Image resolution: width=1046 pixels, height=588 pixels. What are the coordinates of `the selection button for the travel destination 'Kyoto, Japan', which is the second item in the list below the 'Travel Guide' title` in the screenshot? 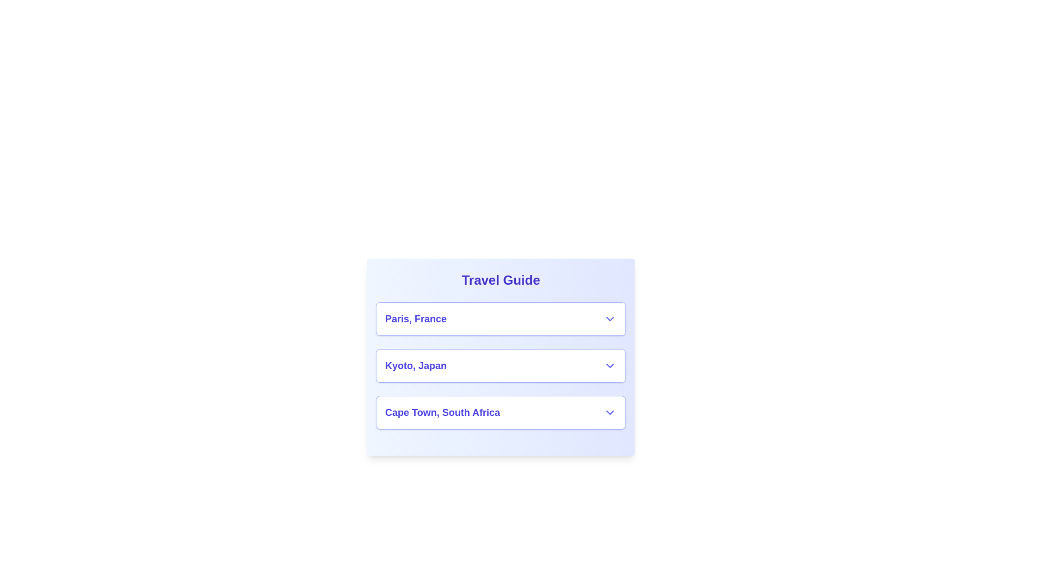 It's located at (500, 357).